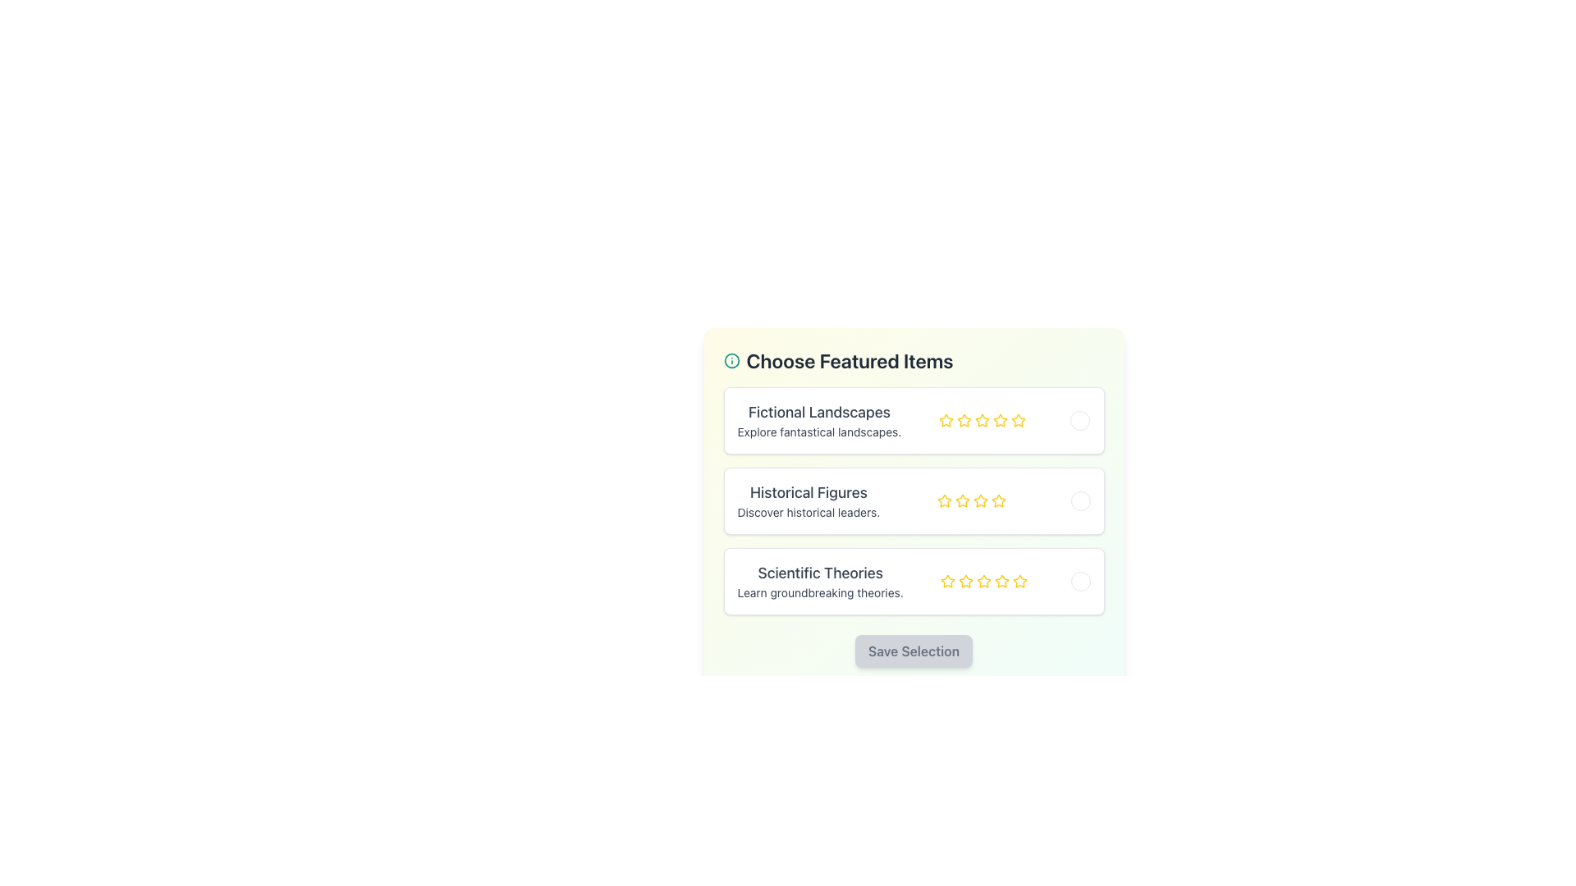  What do you see at coordinates (819, 420) in the screenshot?
I see `the descriptive title and subtitle text element for 'Fictional Landscapes' located in the first item of the card list under 'Choose Featured Items'` at bounding box center [819, 420].